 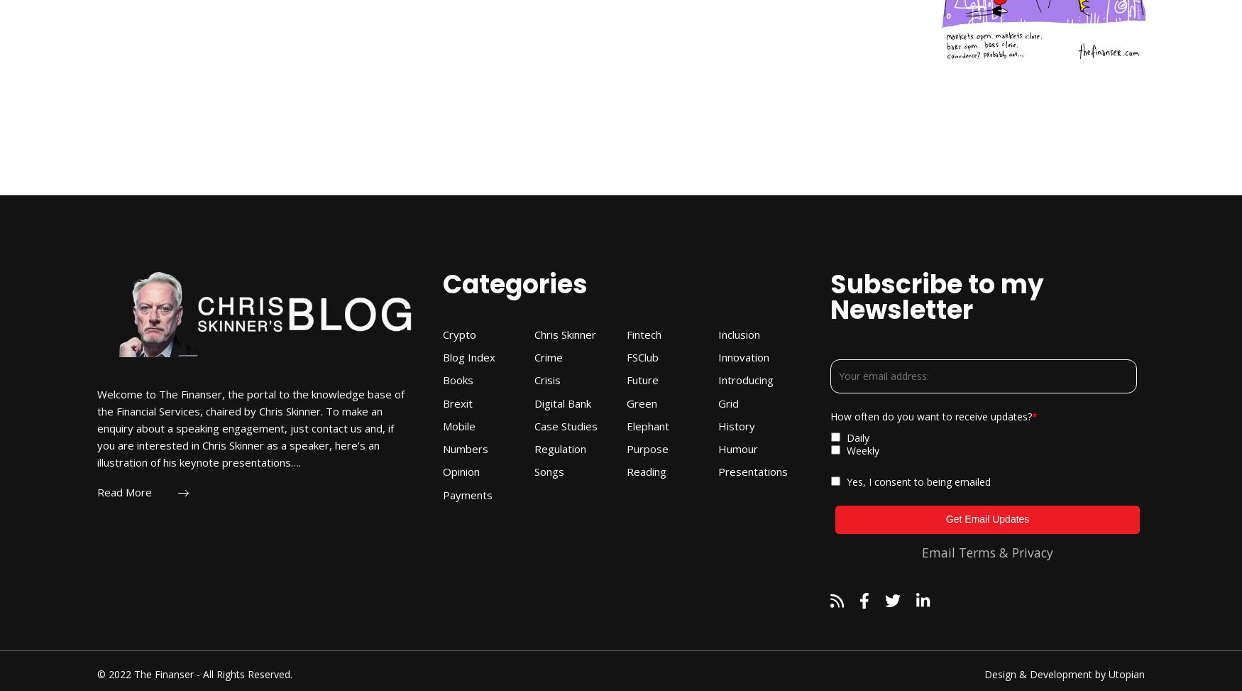 What do you see at coordinates (564, 333) in the screenshot?
I see `'Chris Skinner'` at bounding box center [564, 333].